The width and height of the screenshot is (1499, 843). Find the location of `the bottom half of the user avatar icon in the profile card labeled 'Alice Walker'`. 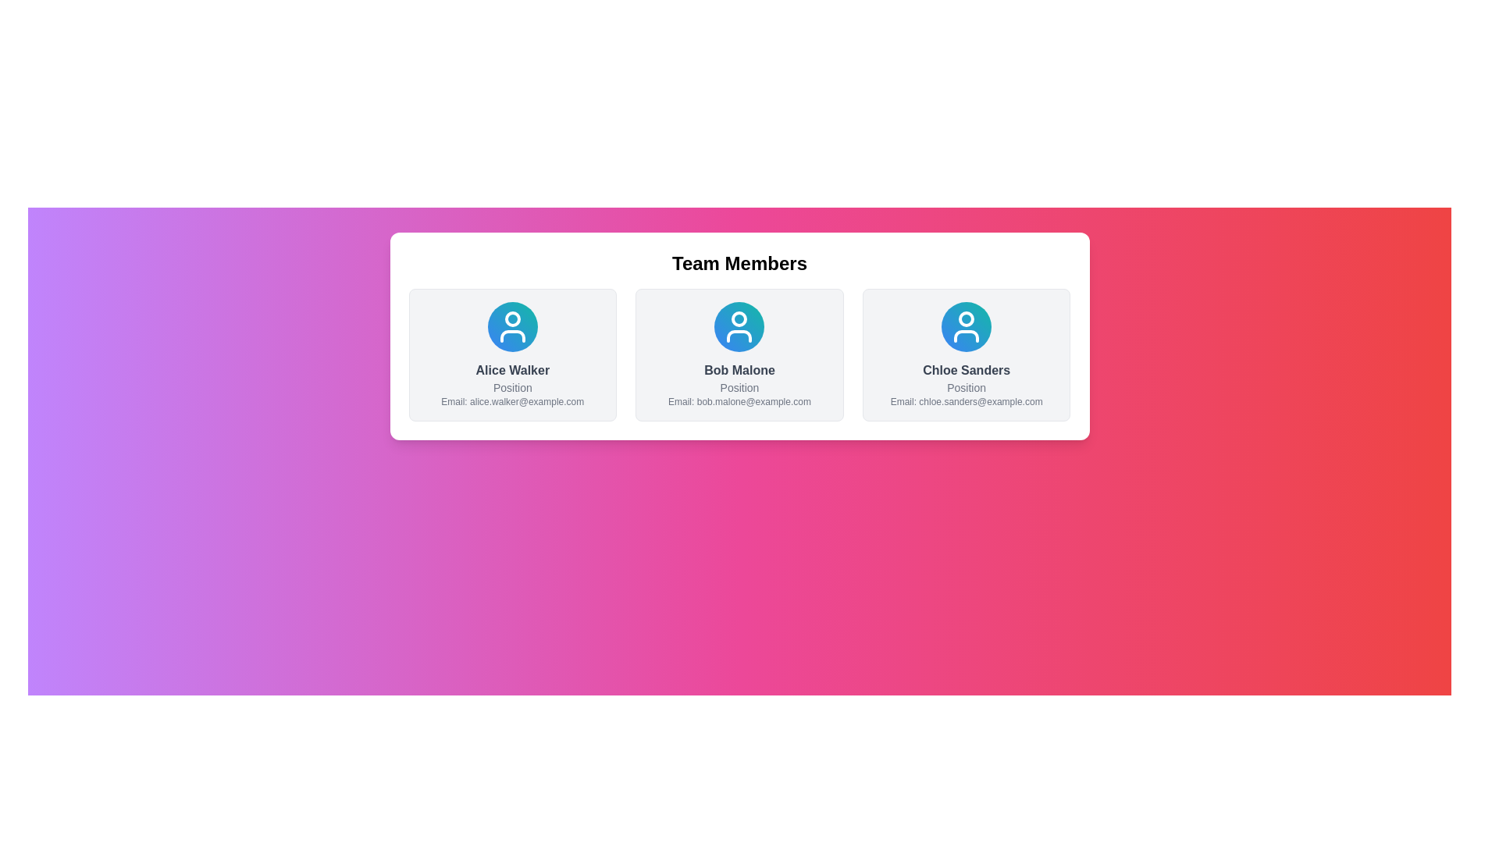

the bottom half of the user avatar icon in the profile card labeled 'Alice Walker' is located at coordinates (512, 336).